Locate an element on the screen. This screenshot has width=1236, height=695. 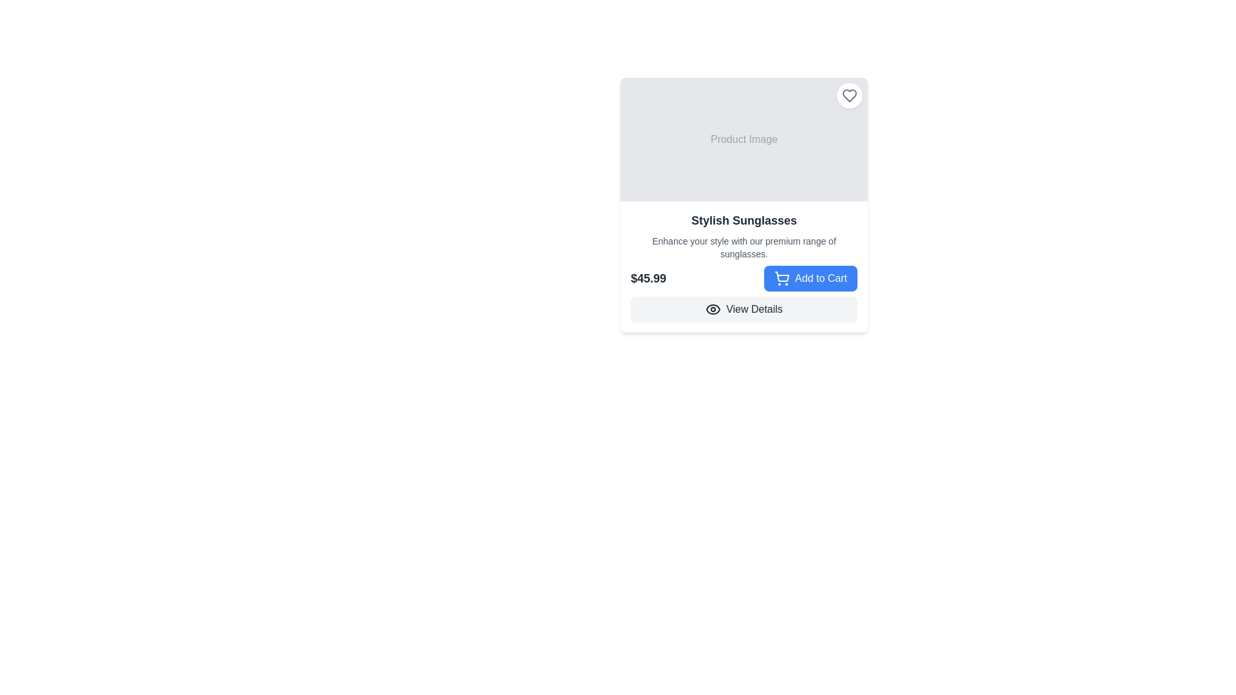
the heart icon located at the top-right corner of the product card to mark the item as a favorite is located at coordinates (850, 95).